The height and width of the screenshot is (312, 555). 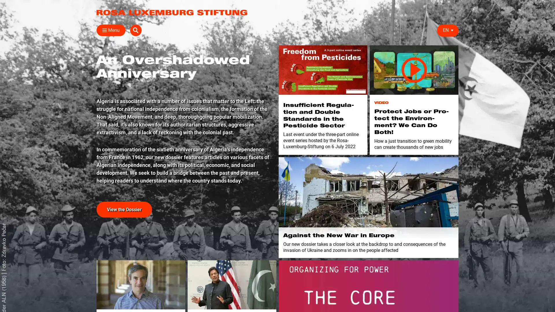 I want to click on Show more / less, so click(x=94, y=133).